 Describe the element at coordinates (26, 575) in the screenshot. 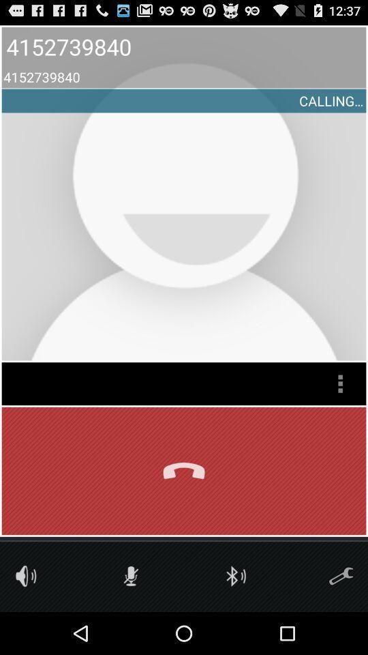

I see `press the sound button` at that location.